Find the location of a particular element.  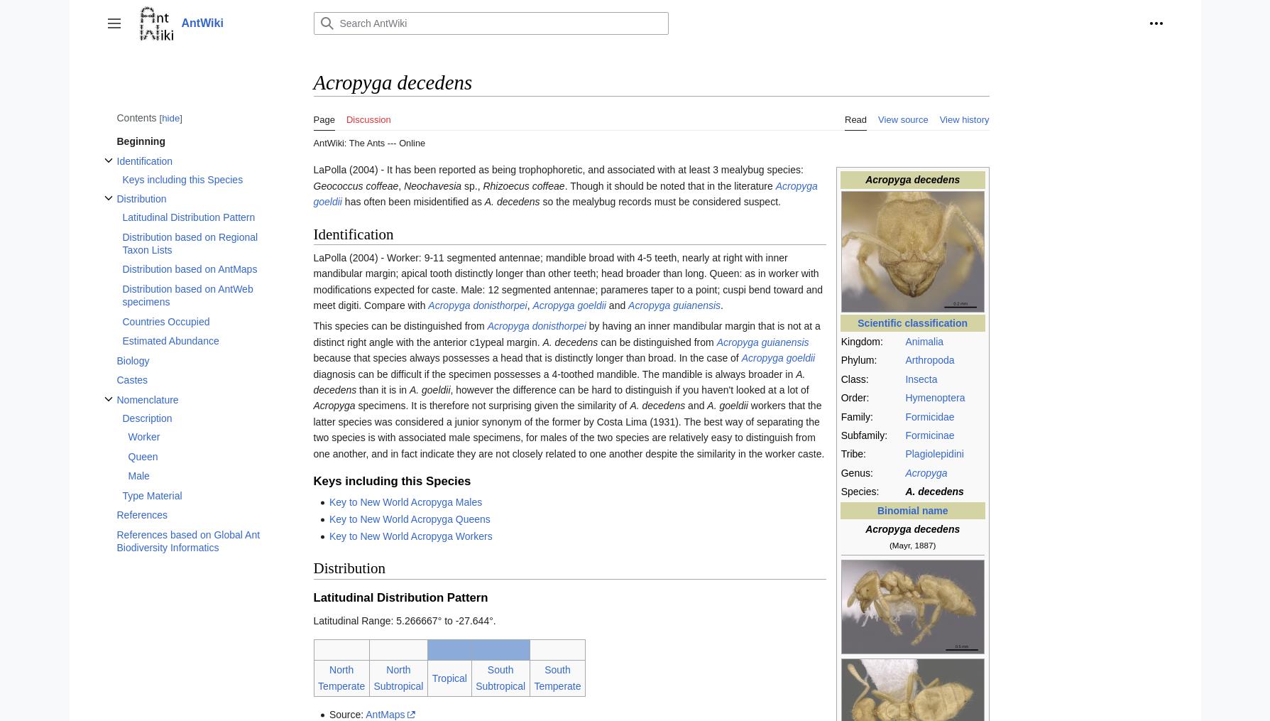

'specimens. It is therefore not surprising given the similarity of' is located at coordinates (492, 406).